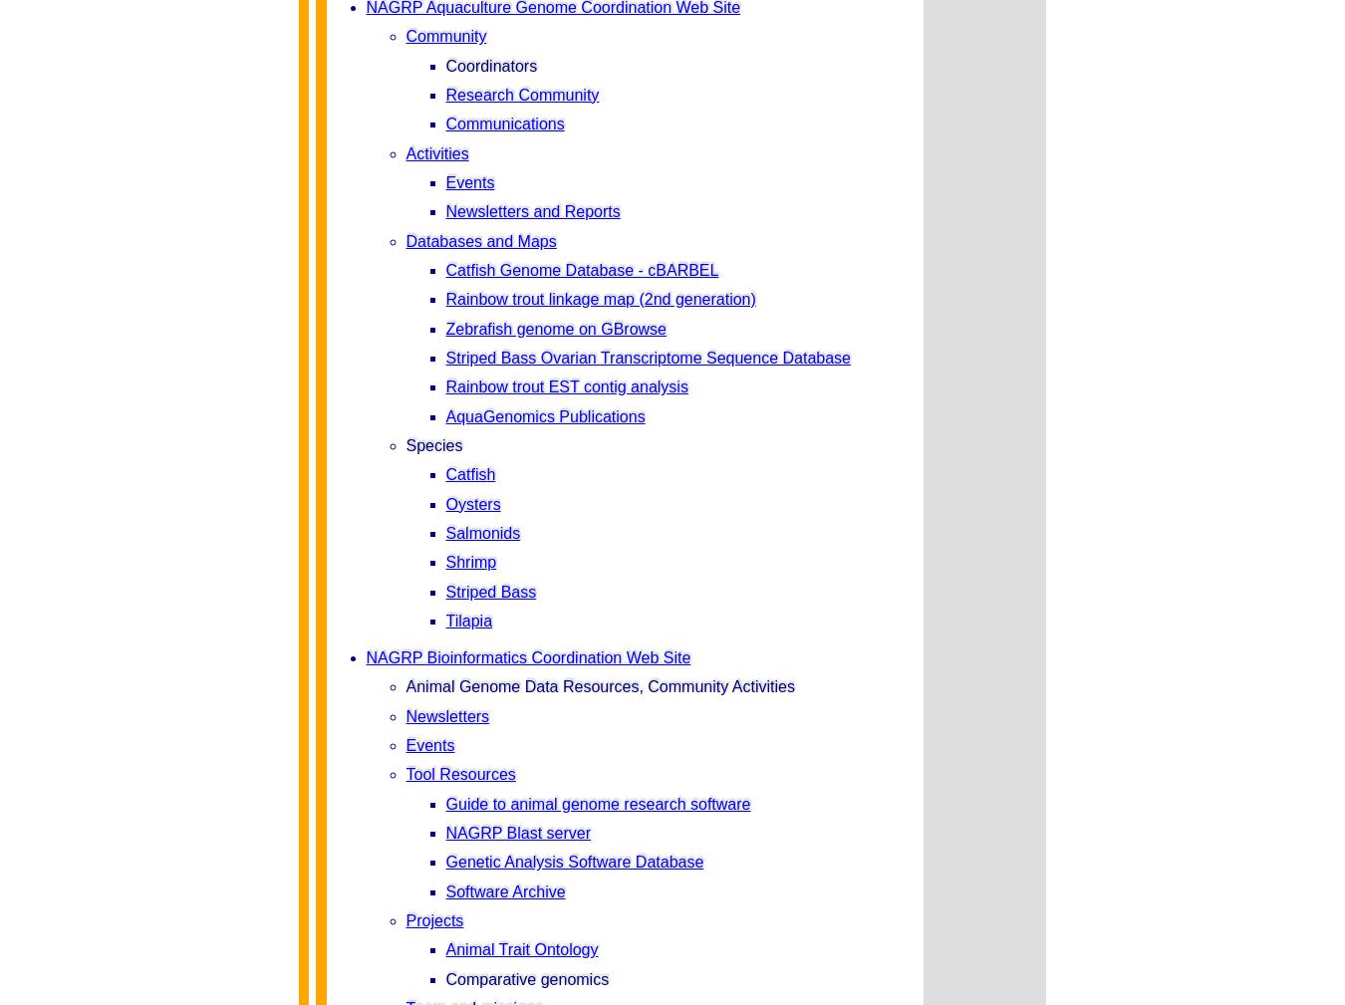  Describe the element at coordinates (597, 803) in the screenshot. I see `'Guide to animal genome research software'` at that location.